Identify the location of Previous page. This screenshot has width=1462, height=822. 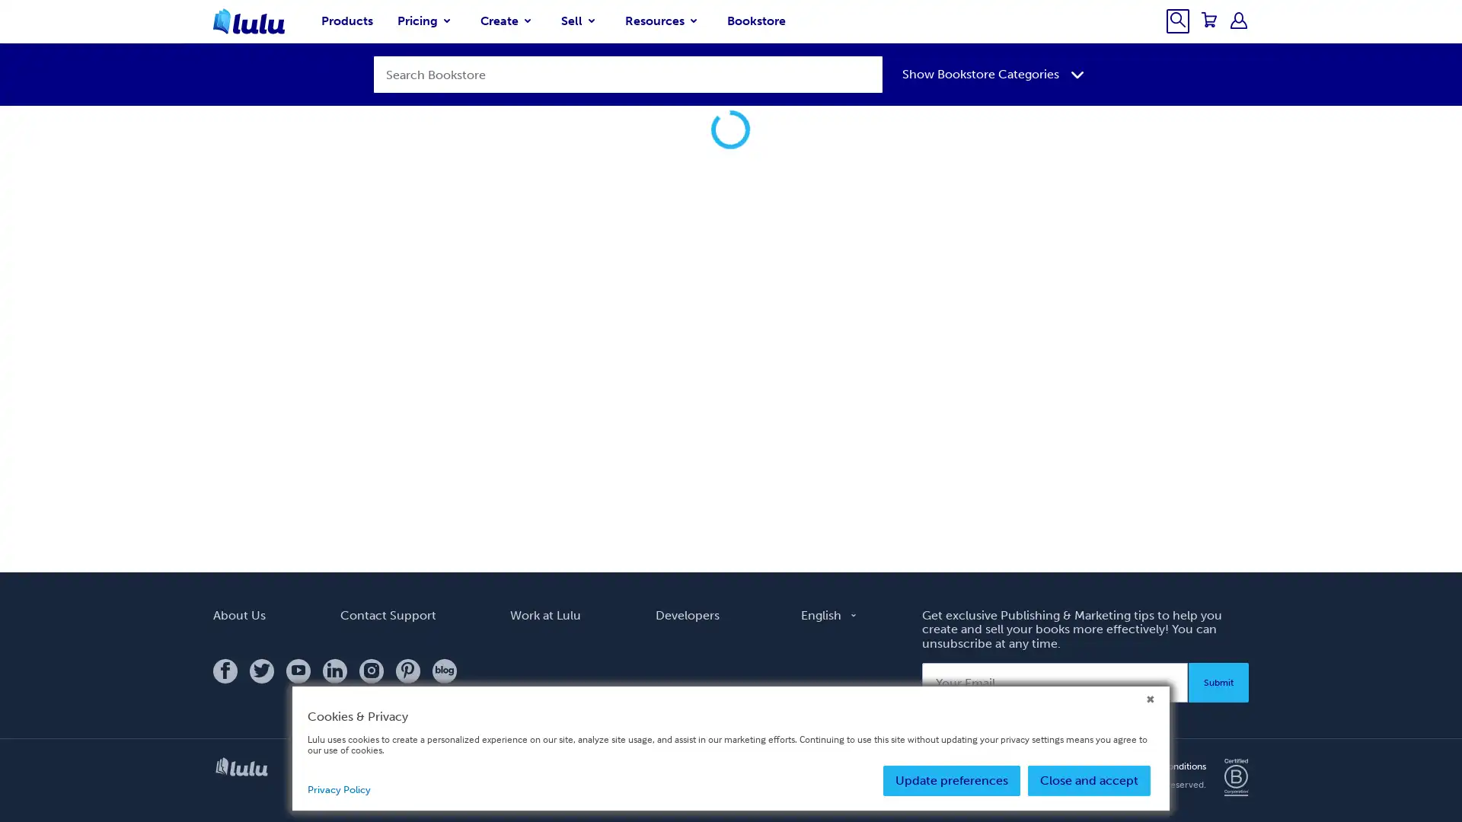
(1126, 466).